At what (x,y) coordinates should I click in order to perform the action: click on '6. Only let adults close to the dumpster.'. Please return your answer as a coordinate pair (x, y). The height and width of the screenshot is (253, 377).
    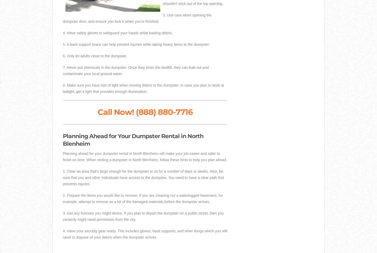
    Looking at the image, I should click on (63, 55).